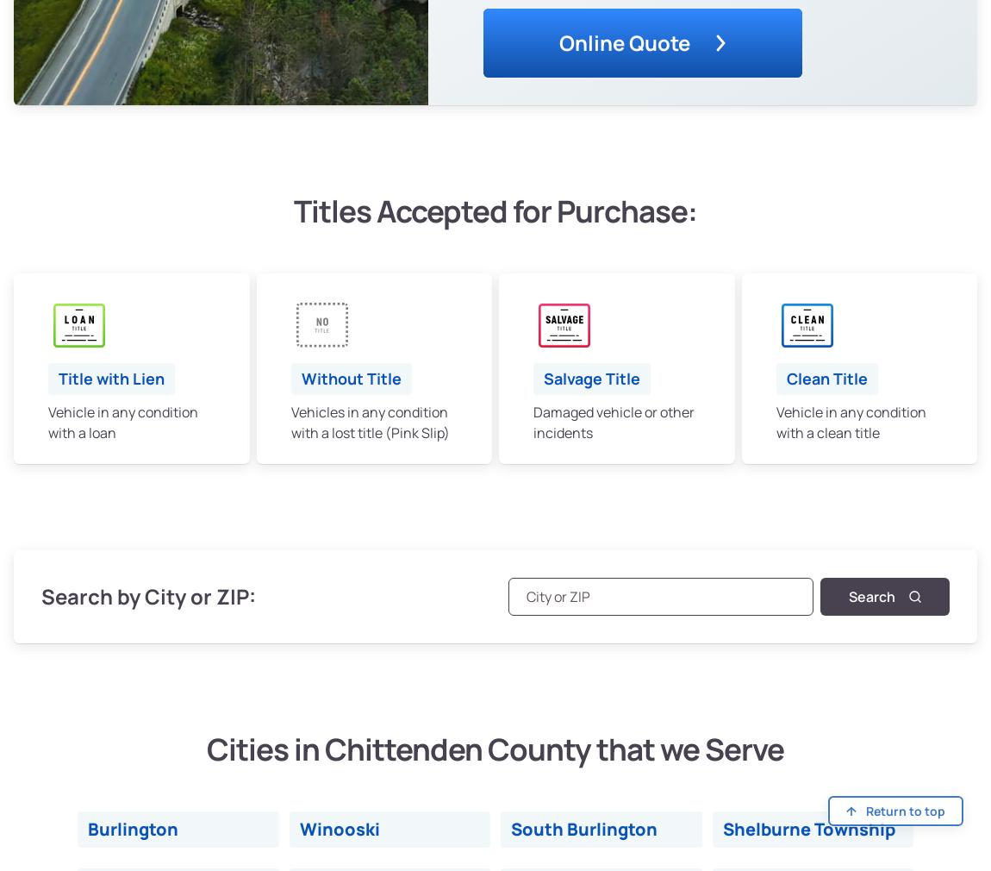 The height and width of the screenshot is (871, 991). Describe the element at coordinates (851, 422) in the screenshot. I see `'Vehicle in any condition with a clean title'` at that location.